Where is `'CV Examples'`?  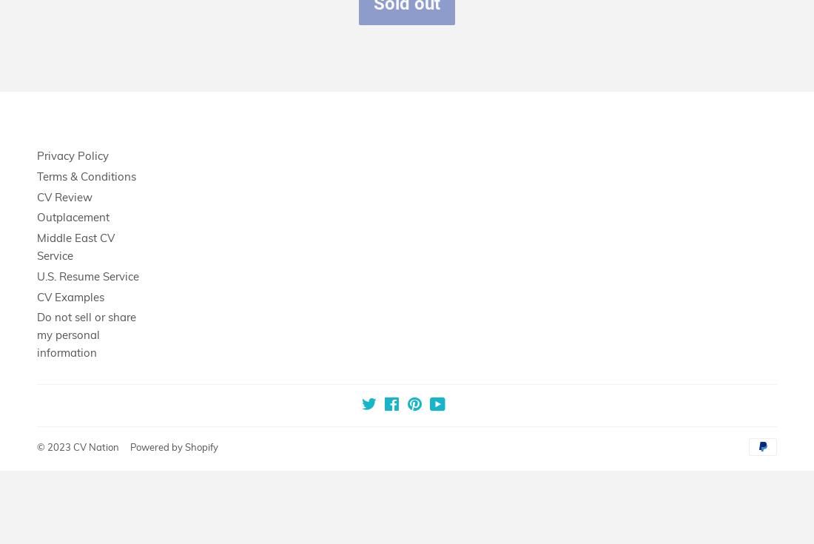
'CV Examples' is located at coordinates (70, 296).